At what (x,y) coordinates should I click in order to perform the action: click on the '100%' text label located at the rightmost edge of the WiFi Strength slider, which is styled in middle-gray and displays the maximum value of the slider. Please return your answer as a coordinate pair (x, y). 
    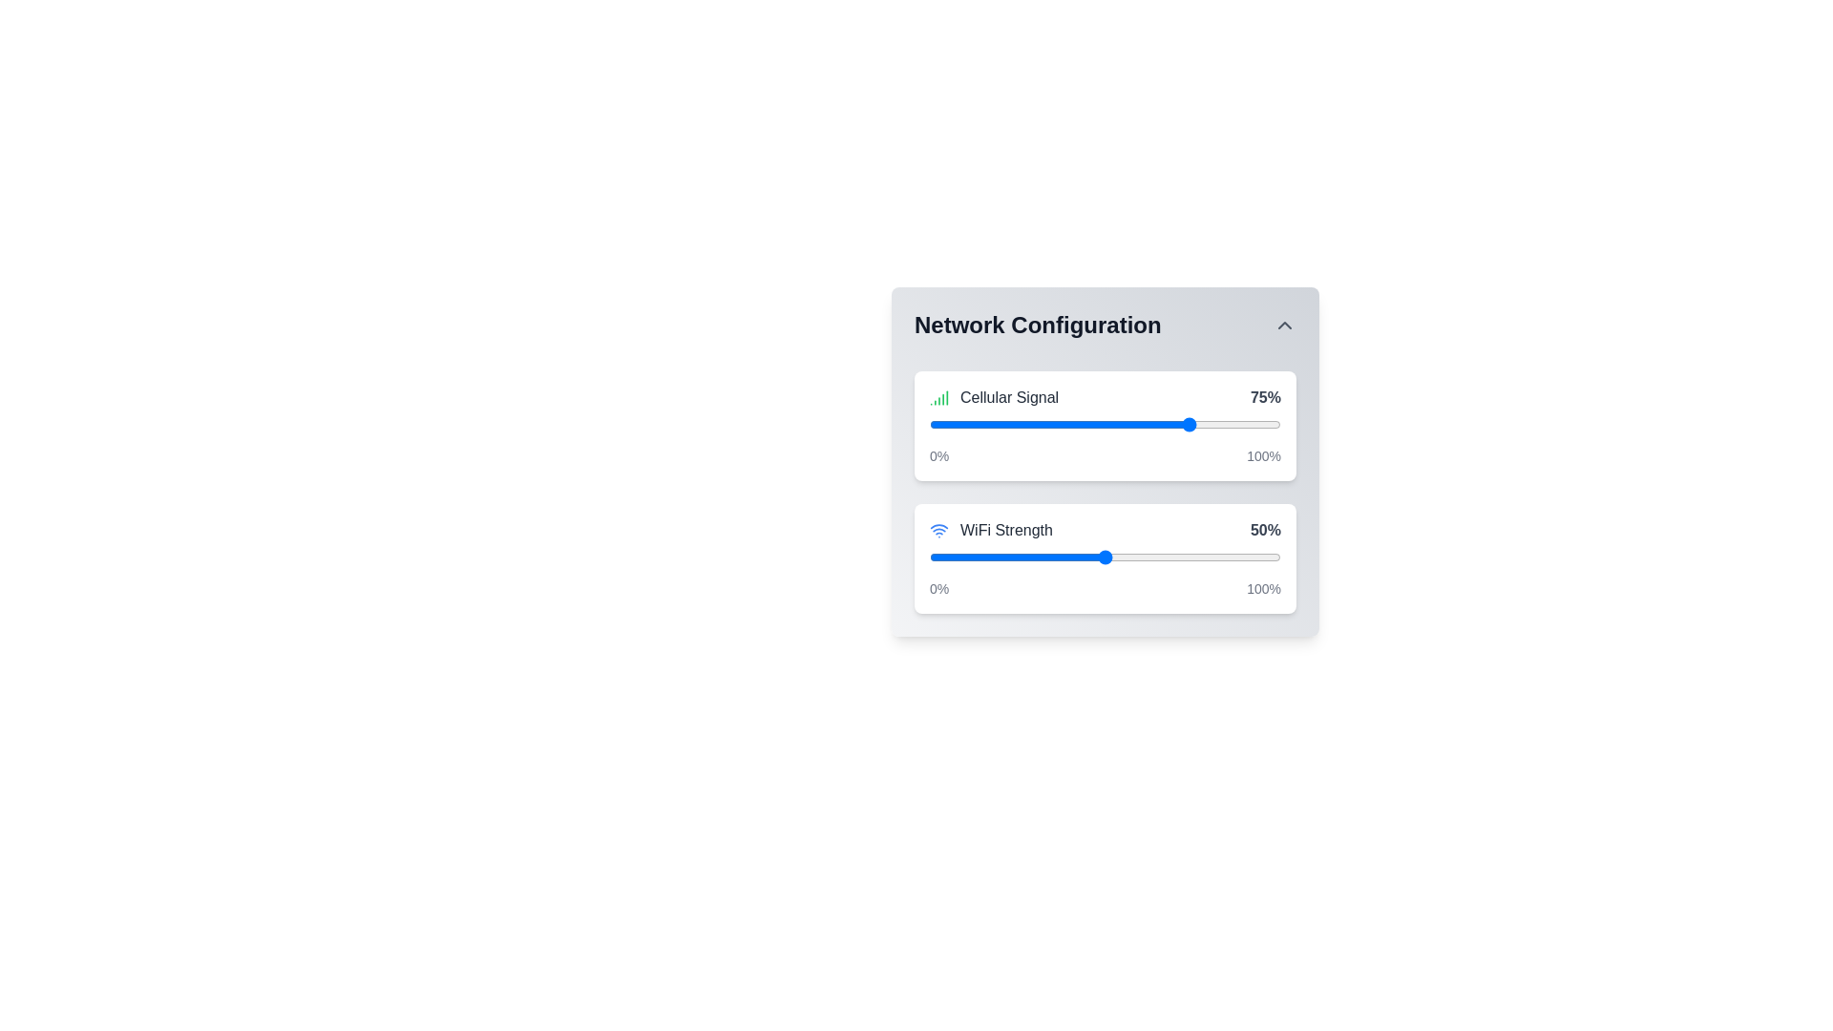
    Looking at the image, I should click on (1264, 588).